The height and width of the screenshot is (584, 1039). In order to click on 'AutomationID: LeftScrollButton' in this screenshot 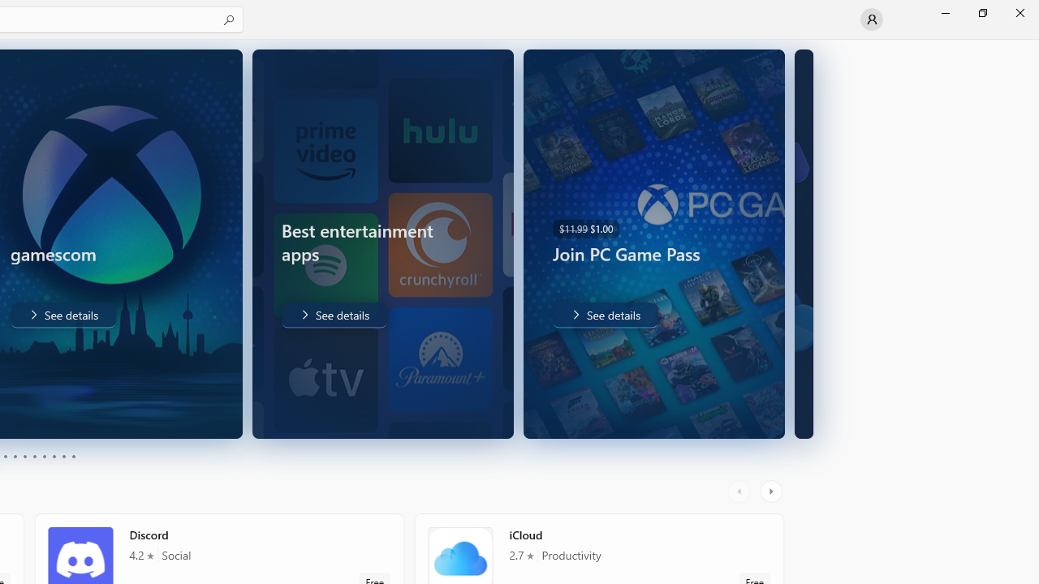, I will do `click(740, 491)`.